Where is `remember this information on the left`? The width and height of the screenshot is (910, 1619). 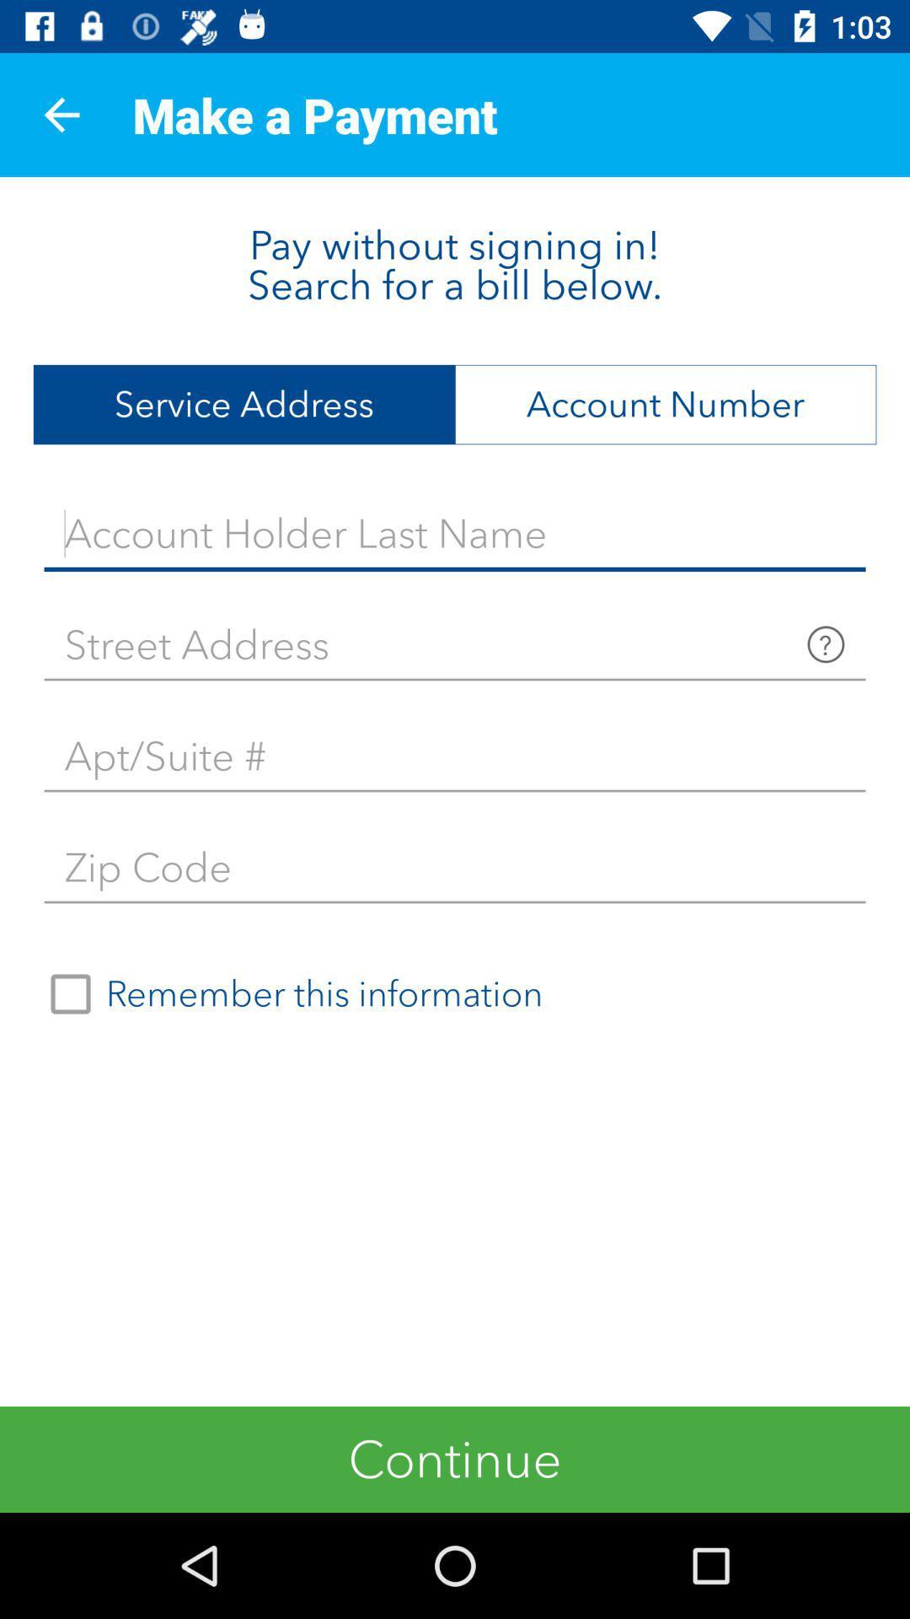
remember this information on the left is located at coordinates (288, 994).